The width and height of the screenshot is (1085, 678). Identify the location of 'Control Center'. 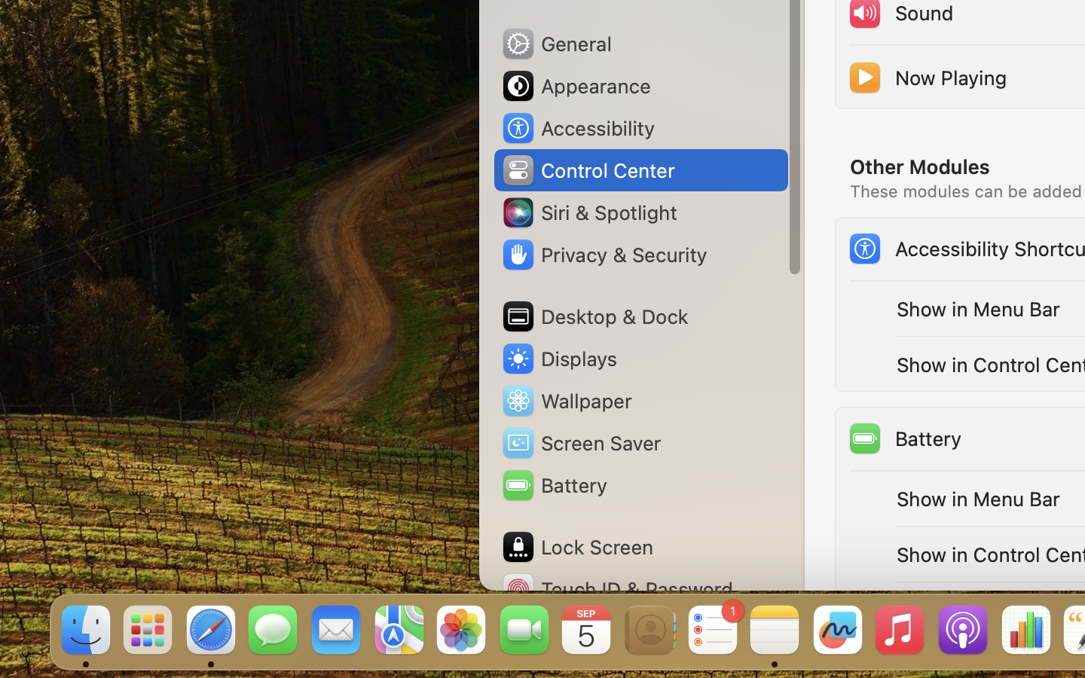
(587, 169).